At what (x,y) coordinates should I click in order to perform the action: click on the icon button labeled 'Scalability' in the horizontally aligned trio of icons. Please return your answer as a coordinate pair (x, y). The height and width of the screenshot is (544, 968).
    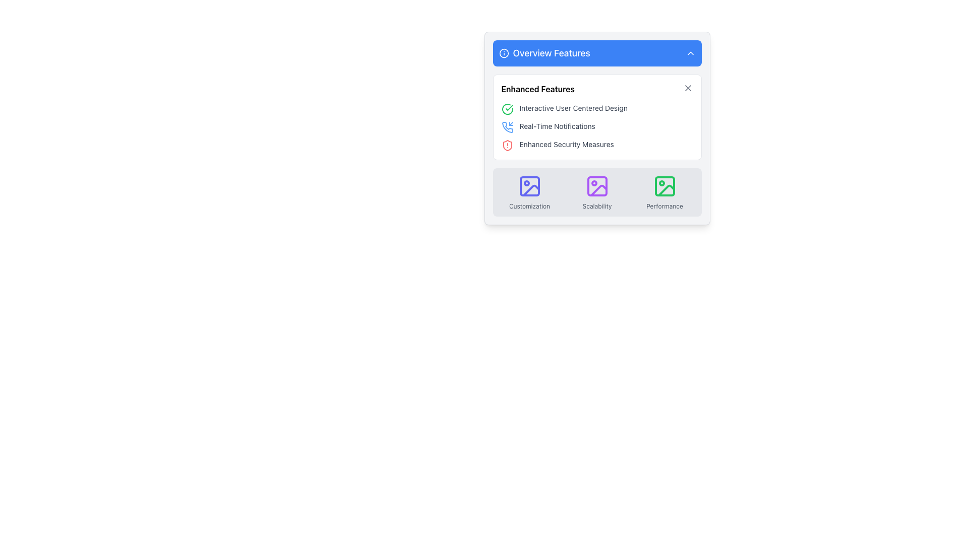
    Looking at the image, I should click on (597, 192).